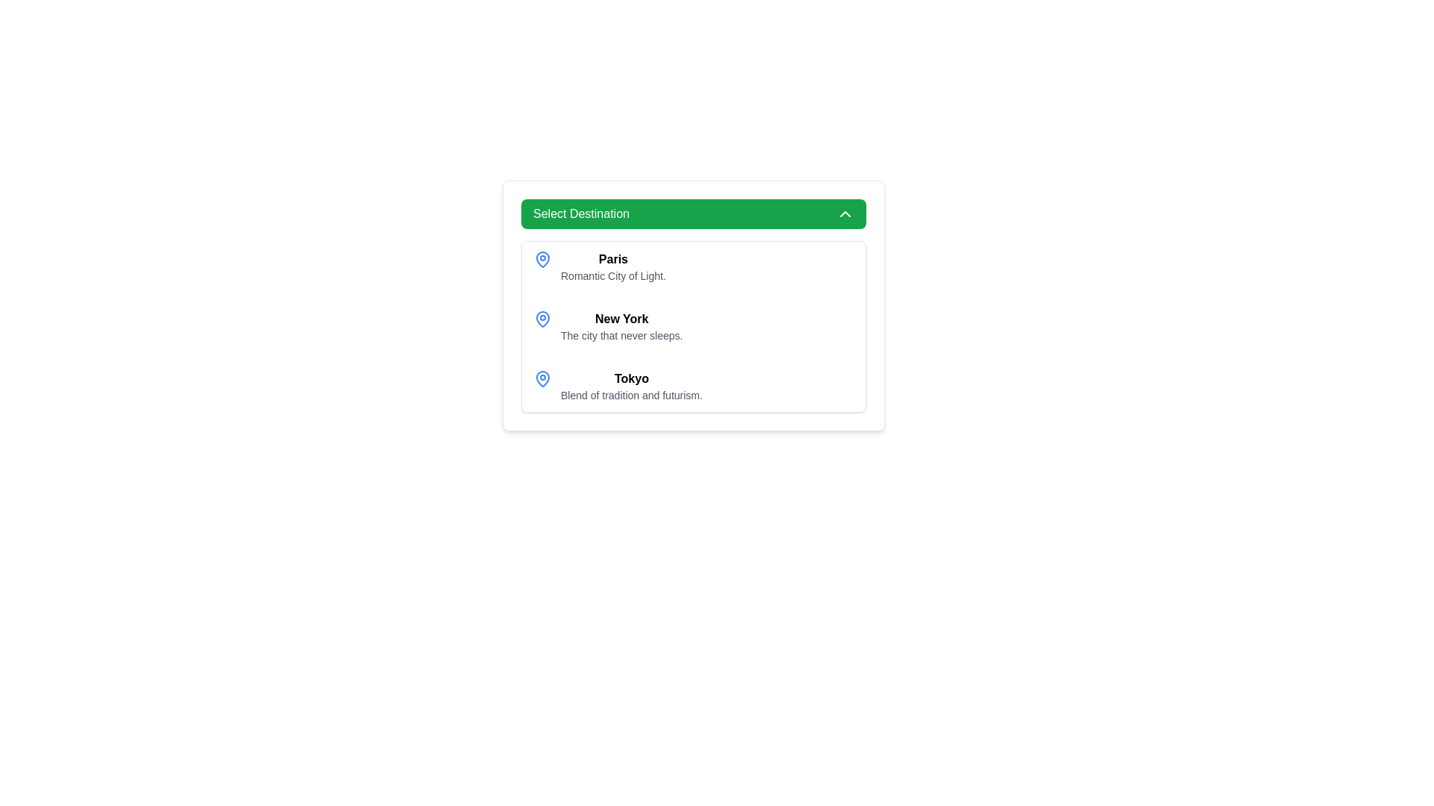  Describe the element at coordinates (693, 326) in the screenshot. I see `the second list item that describes the city of New York, positioned between 'Paris' and 'Tokyo' in a vertical list` at that location.